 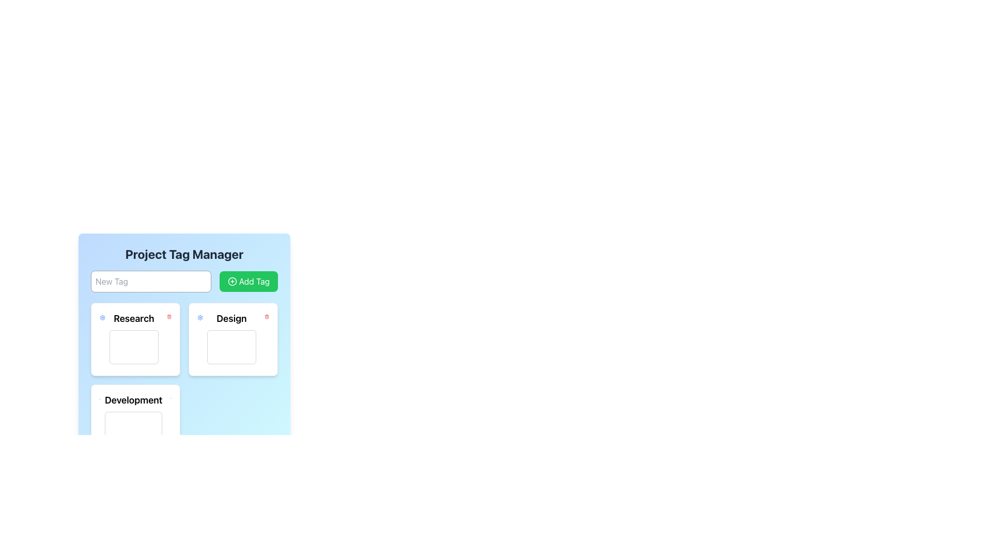 What do you see at coordinates (133, 400) in the screenshot?
I see `the prominent text label displaying 'Development', which is centrally located in the lower section of the interface` at bounding box center [133, 400].